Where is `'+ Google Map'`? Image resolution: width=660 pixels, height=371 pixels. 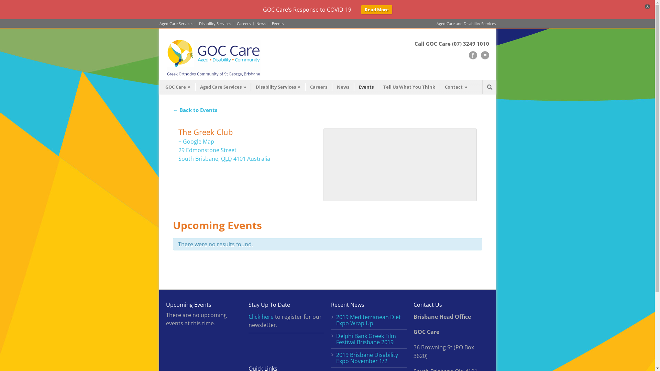 '+ Google Map' is located at coordinates (178, 141).